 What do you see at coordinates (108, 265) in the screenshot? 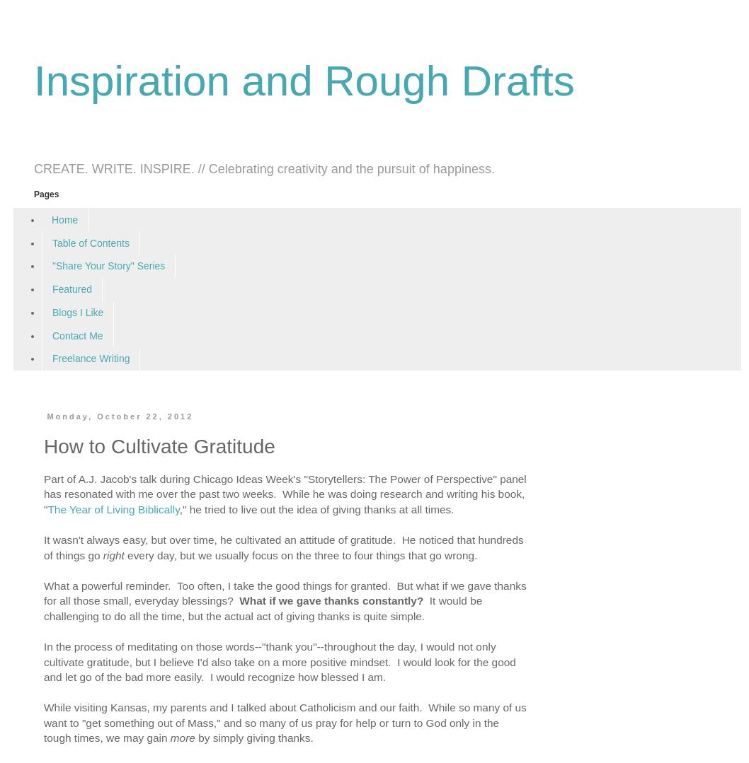
I see `'"Share Your Story" Series'` at bounding box center [108, 265].